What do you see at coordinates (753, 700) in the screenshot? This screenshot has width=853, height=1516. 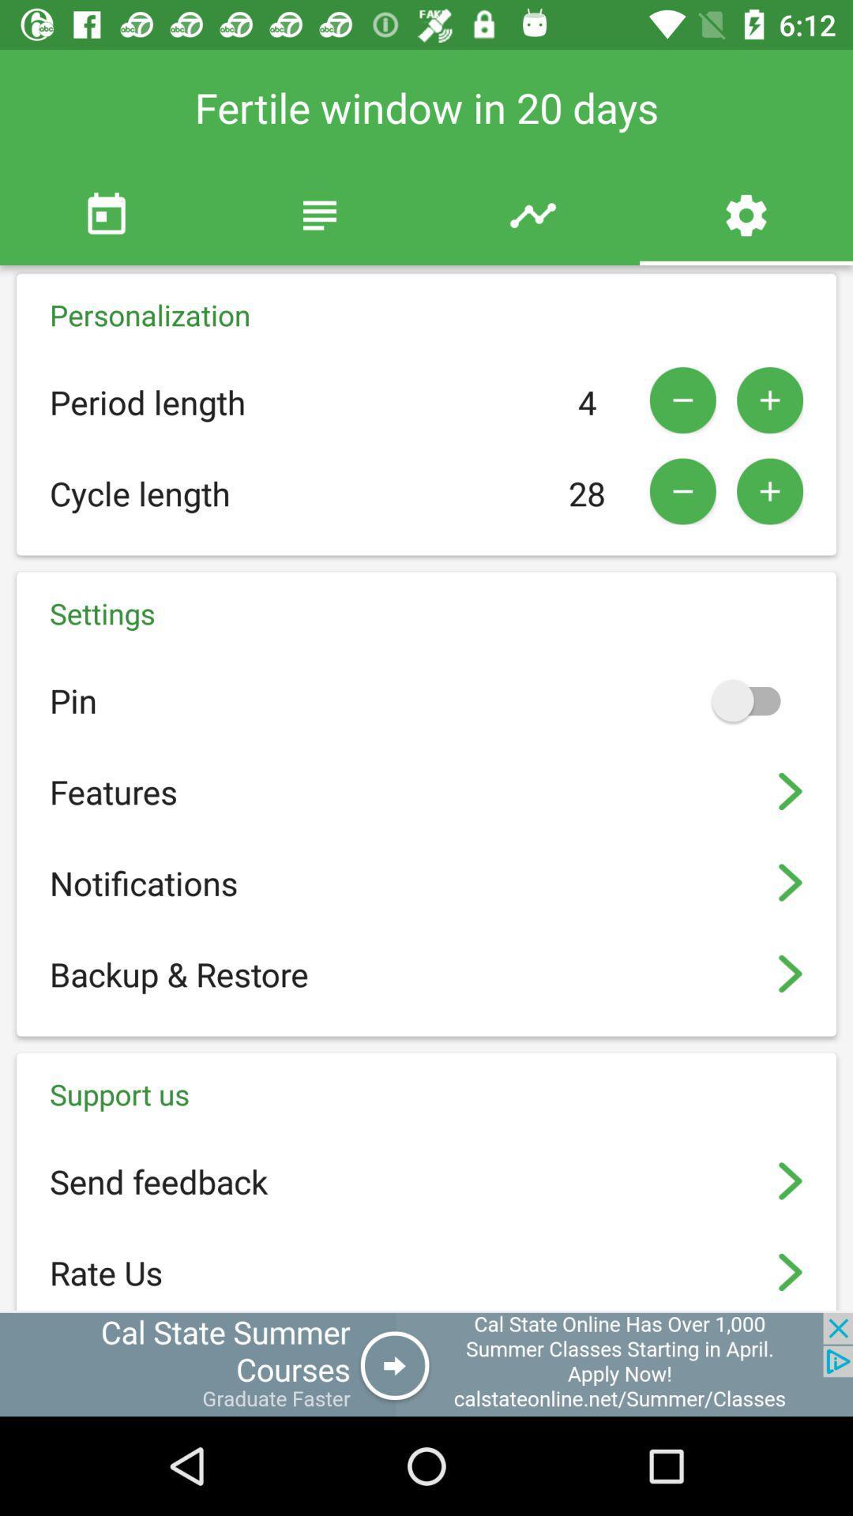 I see `on and off option` at bounding box center [753, 700].